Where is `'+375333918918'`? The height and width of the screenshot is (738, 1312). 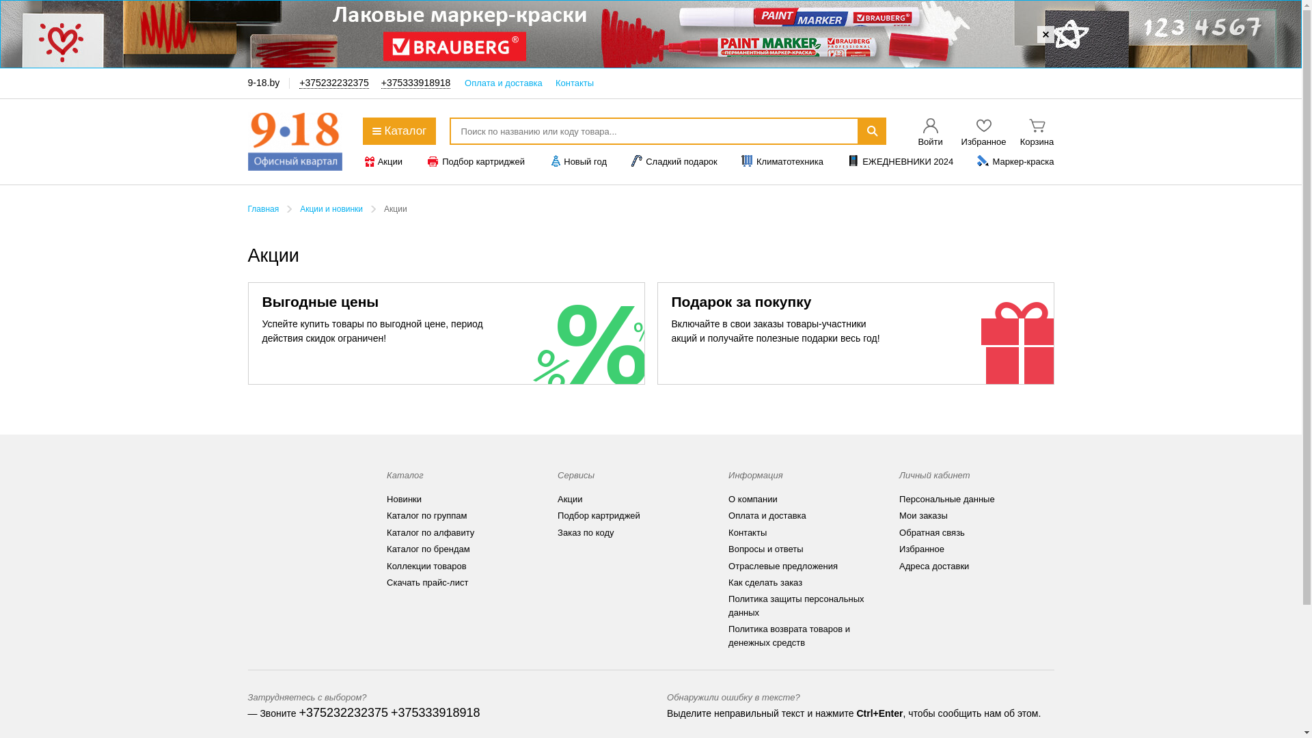
'+375333918918' is located at coordinates (381, 83).